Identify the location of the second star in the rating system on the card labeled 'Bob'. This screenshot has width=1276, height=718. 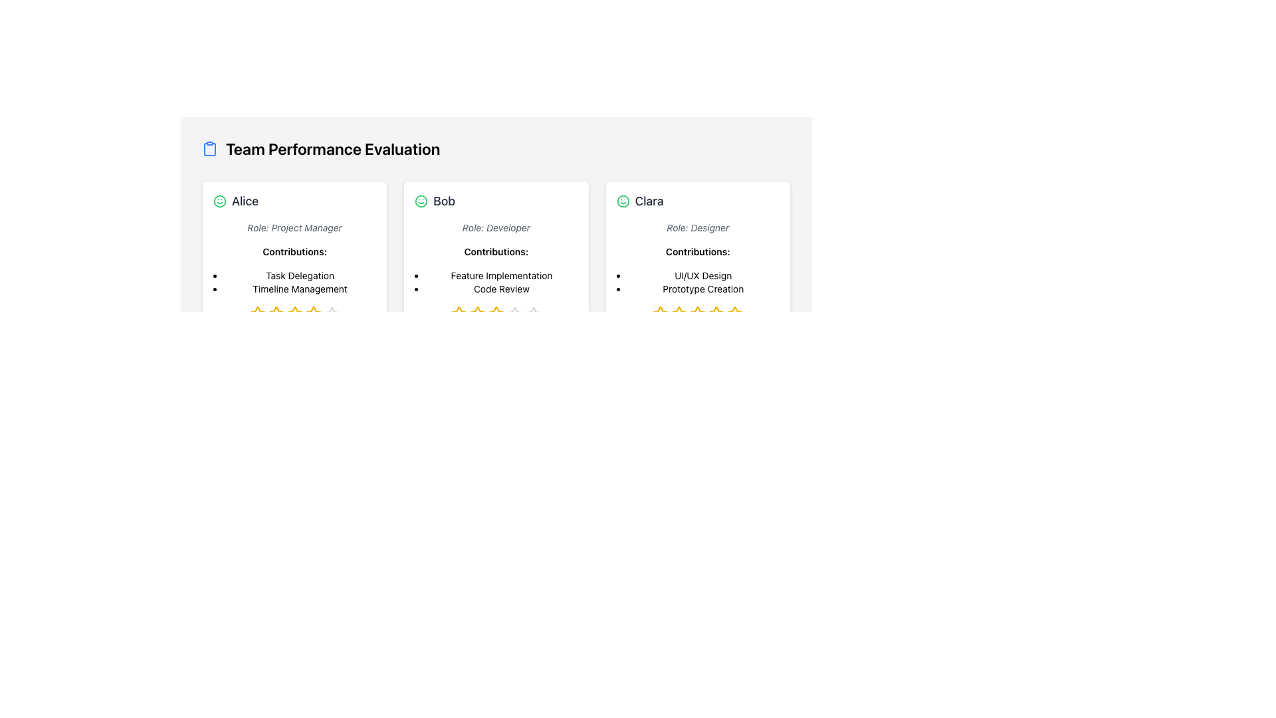
(459, 314).